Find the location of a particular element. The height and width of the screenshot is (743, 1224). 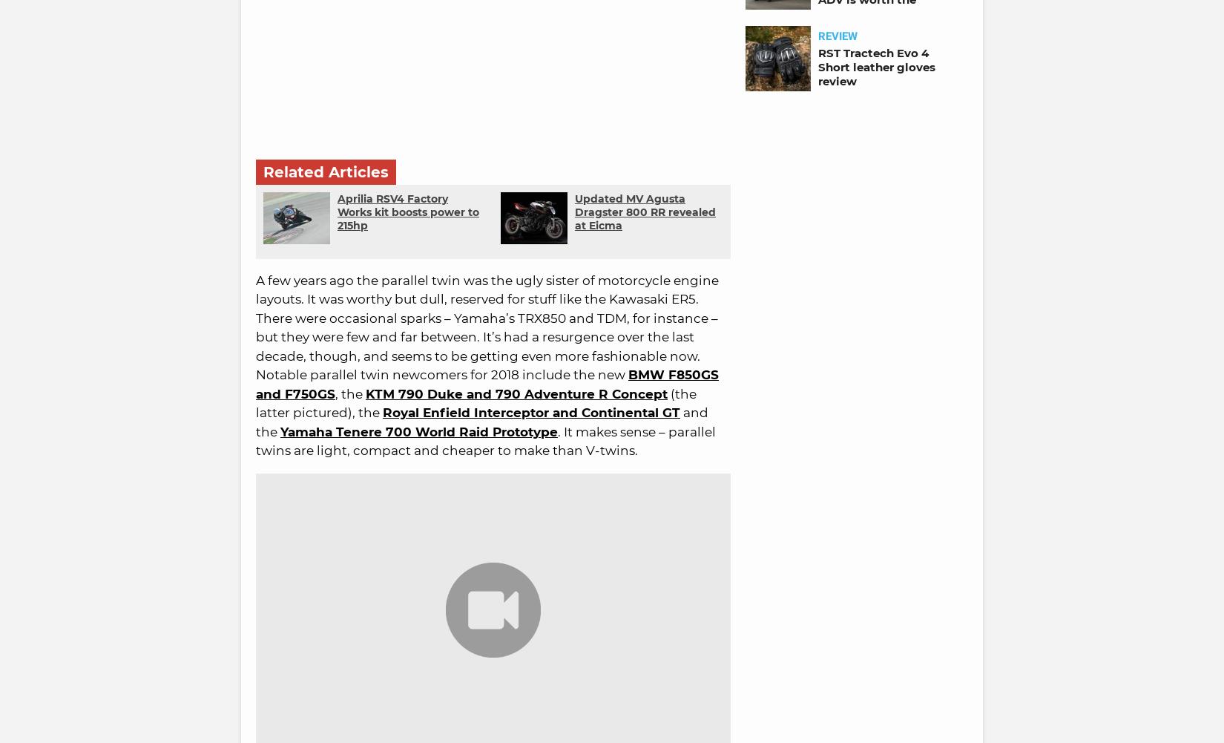

'RST Tractech Evo 4 Short leather gloves review' is located at coordinates (877, 65).